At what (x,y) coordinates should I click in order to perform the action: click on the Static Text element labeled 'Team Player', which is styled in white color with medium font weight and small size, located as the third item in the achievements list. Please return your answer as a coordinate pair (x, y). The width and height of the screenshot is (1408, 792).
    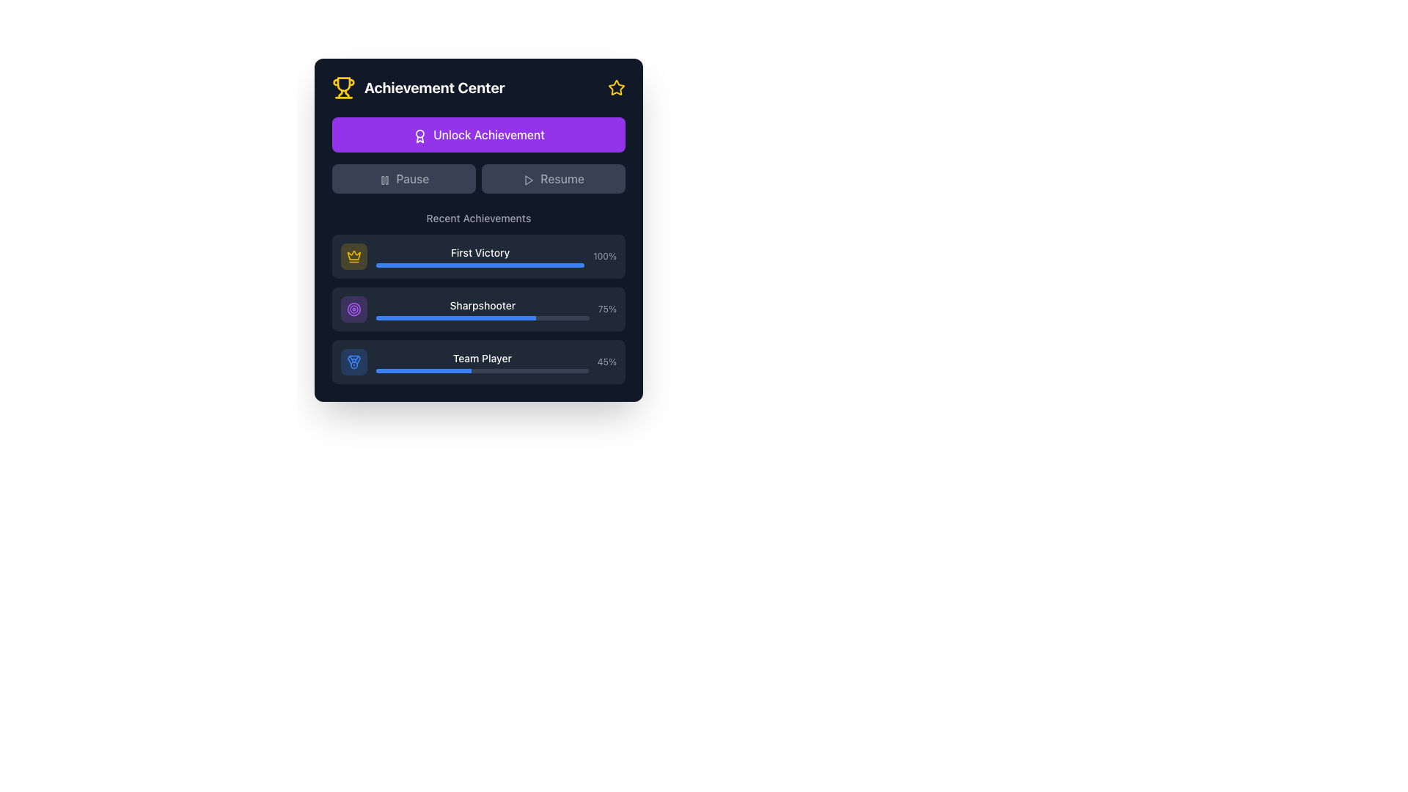
    Looking at the image, I should click on (482, 359).